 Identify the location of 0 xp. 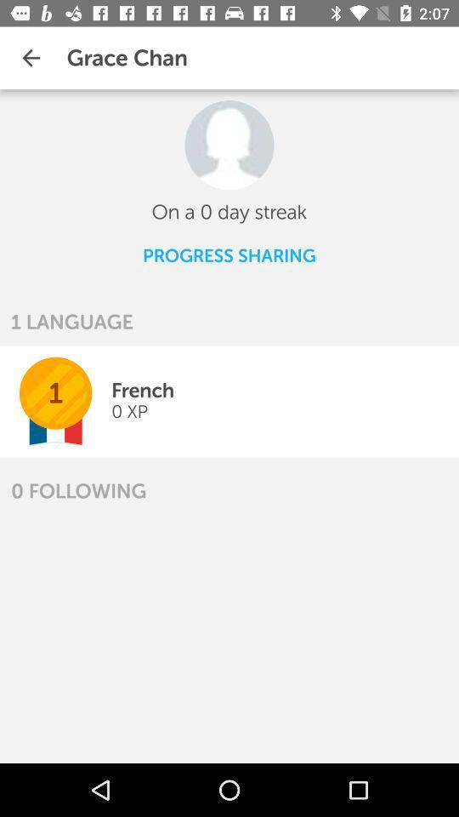
(128, 410).